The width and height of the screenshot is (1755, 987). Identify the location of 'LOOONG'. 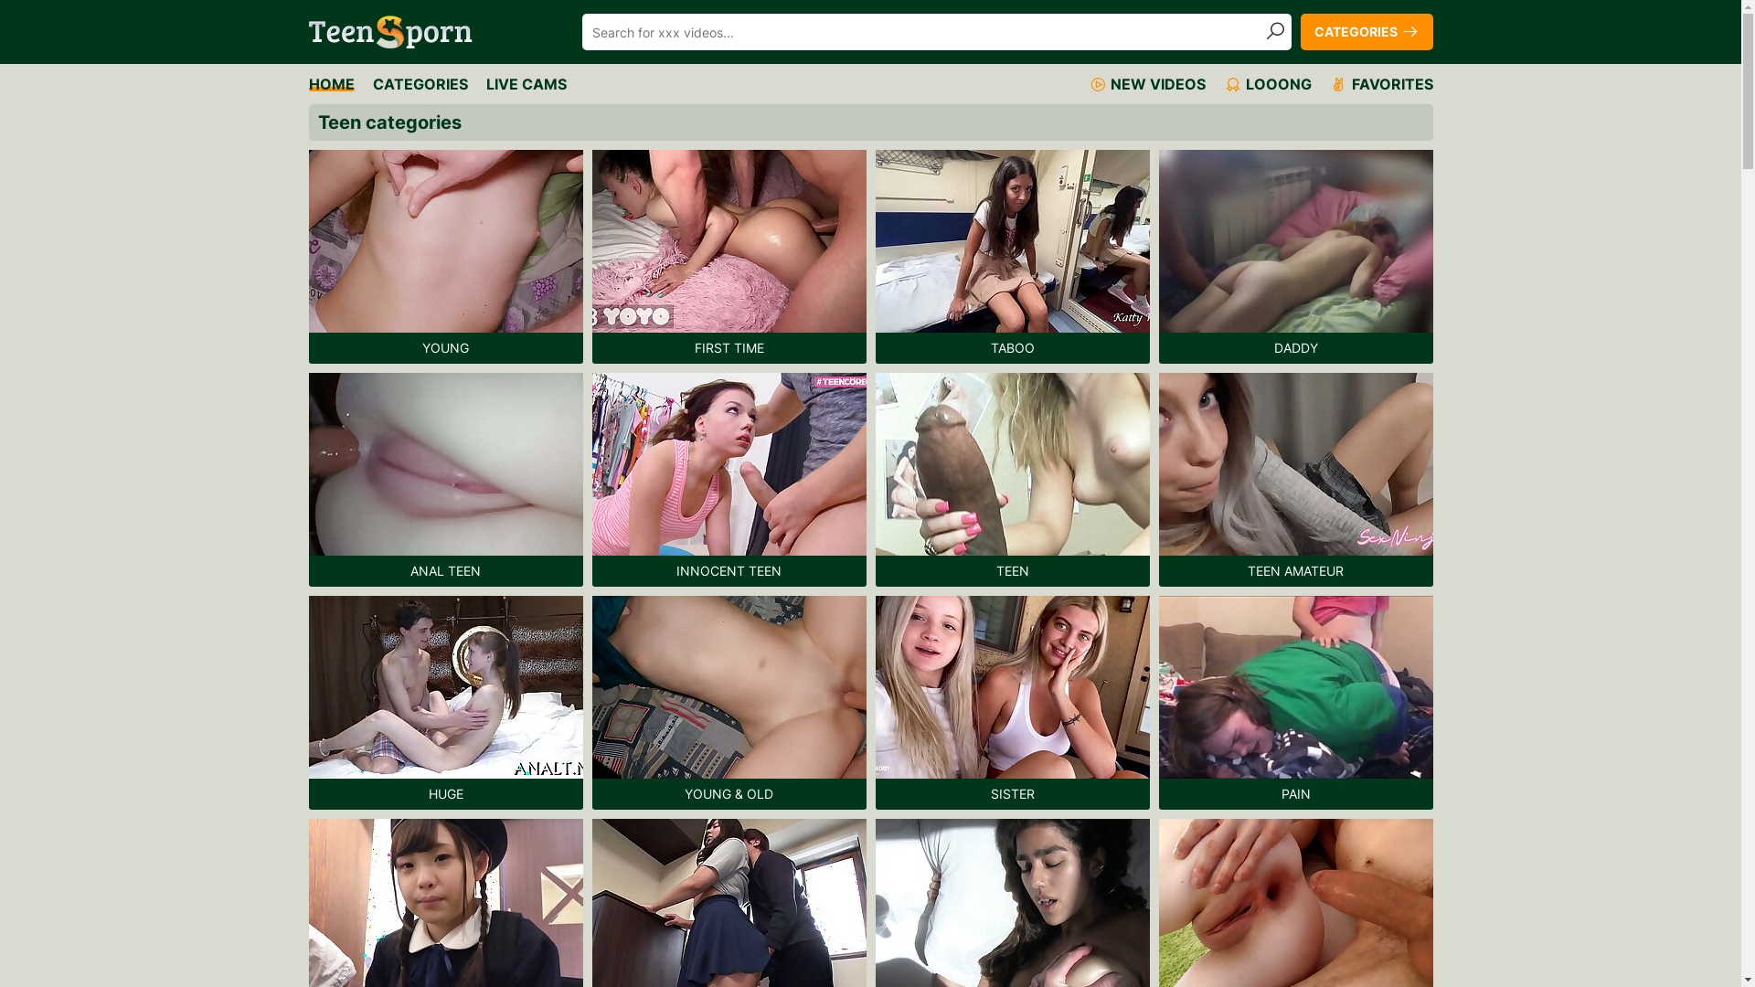
(1266, 84).